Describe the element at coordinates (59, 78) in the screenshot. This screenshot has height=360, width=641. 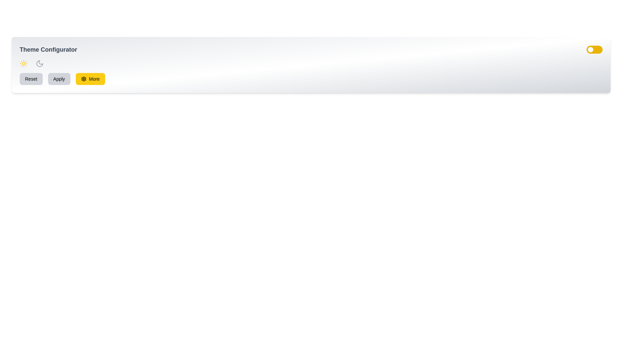
I see `the 'Apply' button located under the 'Theme Configurator' section, which is the second button in a horizontal group of three, to apply changes` at that location.